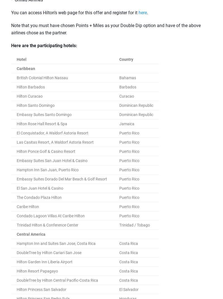  What do you see at coordinates (52, 160) in the screenshot?
I see `'Embassy Suites San Juan Hotel & Casino'` at bounding box center [52, 160].